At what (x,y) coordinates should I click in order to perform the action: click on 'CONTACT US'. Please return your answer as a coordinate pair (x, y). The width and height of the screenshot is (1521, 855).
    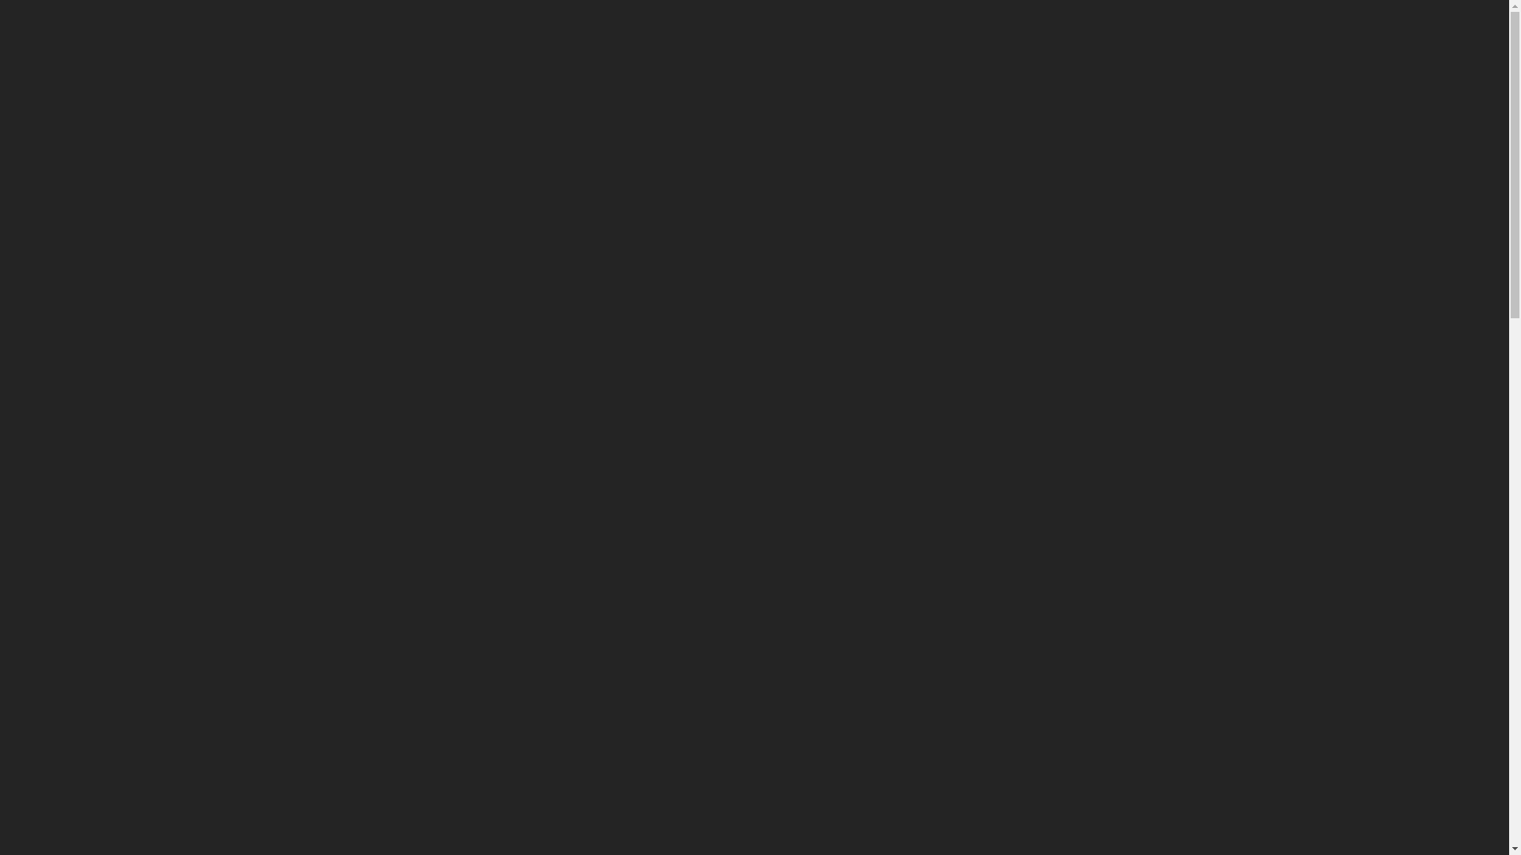
    Looking at the image, I should click on (703, 86).